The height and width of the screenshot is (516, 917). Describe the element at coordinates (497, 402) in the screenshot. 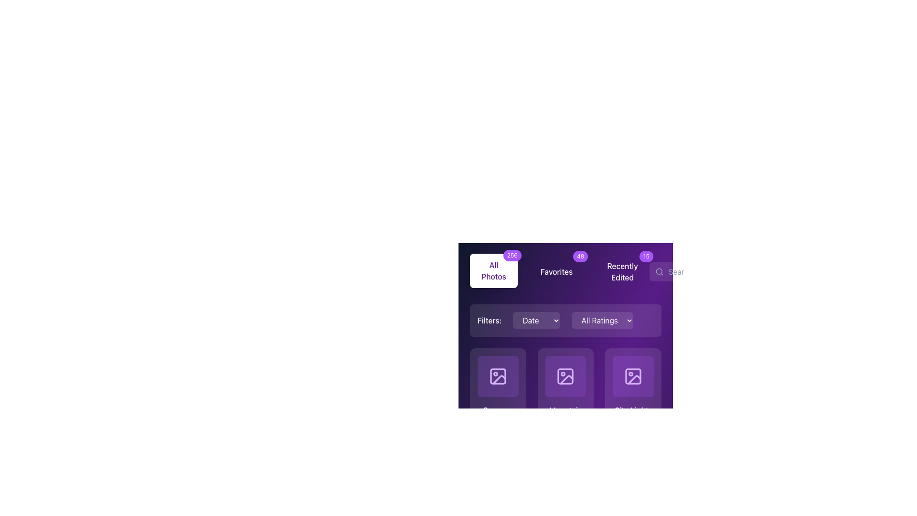

I see `the favorite button located at the bottom of the second grid card in the middle row to observe the color transition` at that location.